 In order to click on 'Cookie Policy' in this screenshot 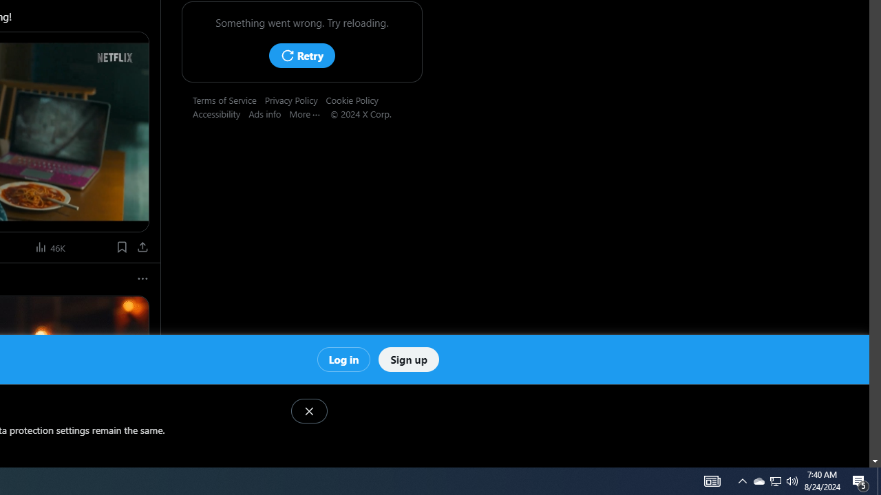, I will do `click(356, 99)`.